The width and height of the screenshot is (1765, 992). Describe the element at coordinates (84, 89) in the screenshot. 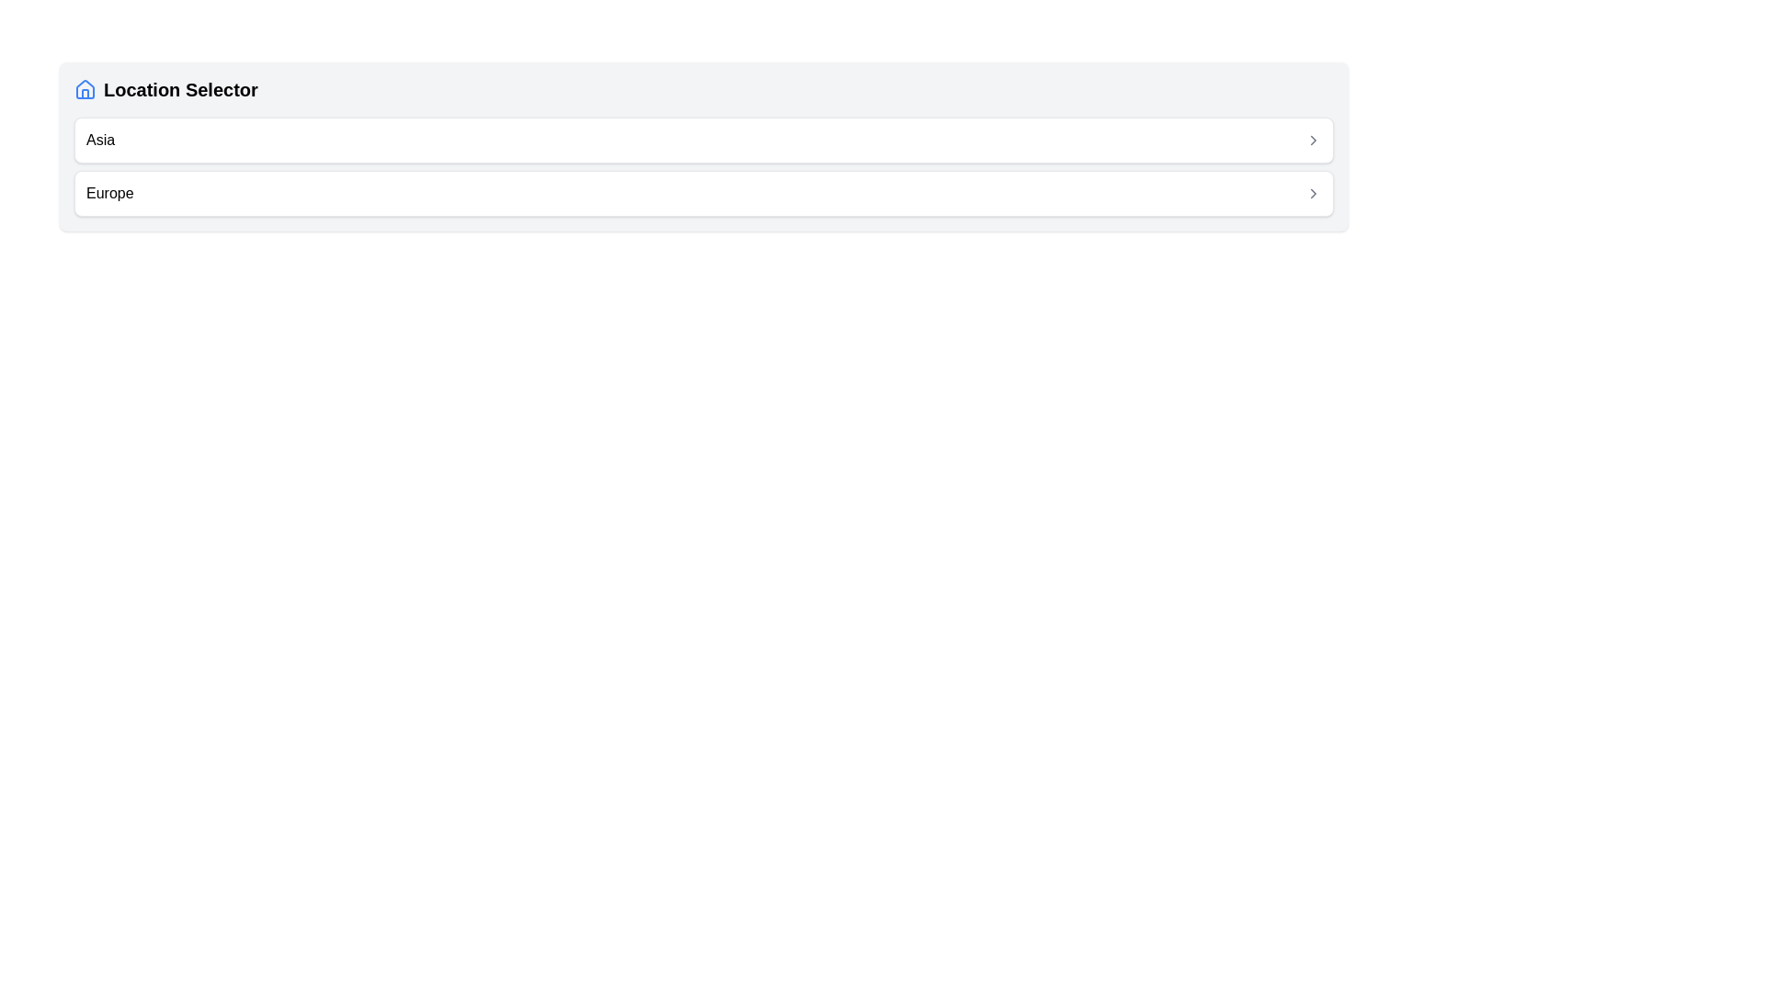

I see `the icon positioned at the top-left corner of the 'Location Selector' section, which serves as a visual indicator for home or base location` at that location.